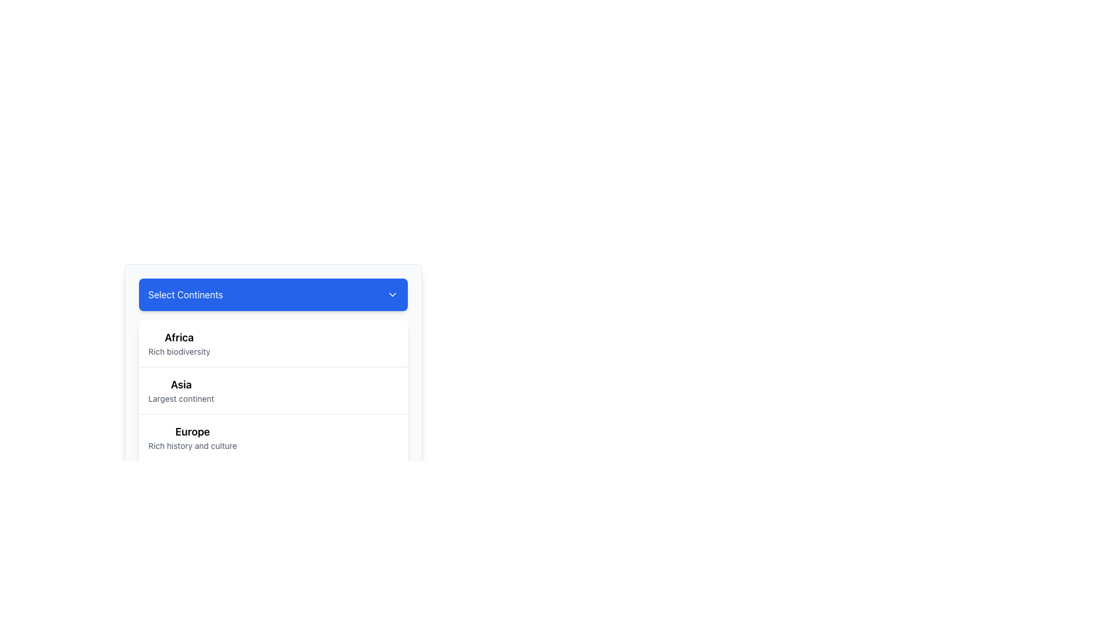  Describe the element at coordinates (179, 351) in the screenshot. I see `the descriptive text label that appears below the 'Africa' header in the dropdown menu` at that location.